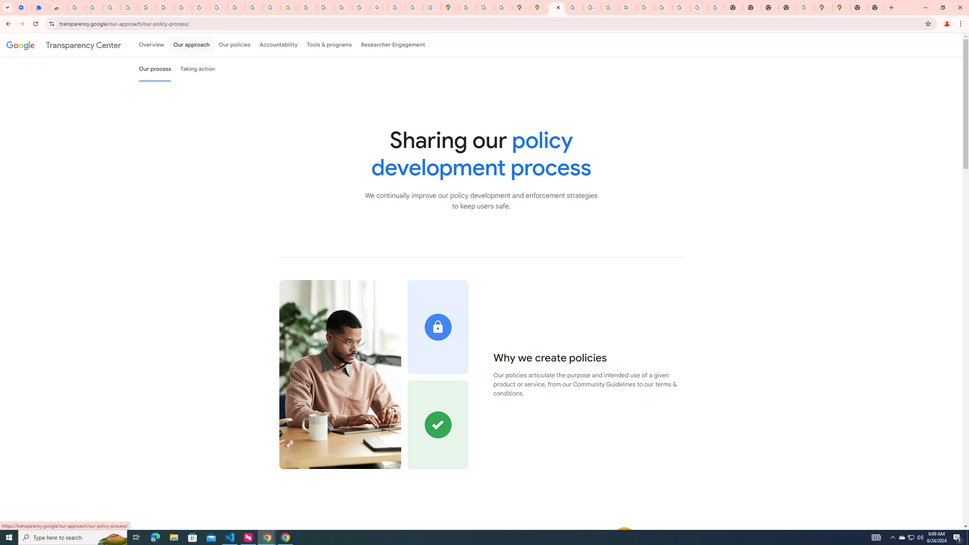 The width and height of the screenshot is (969, 545). I want to click on 'Tools & programs', so click(329, 45).